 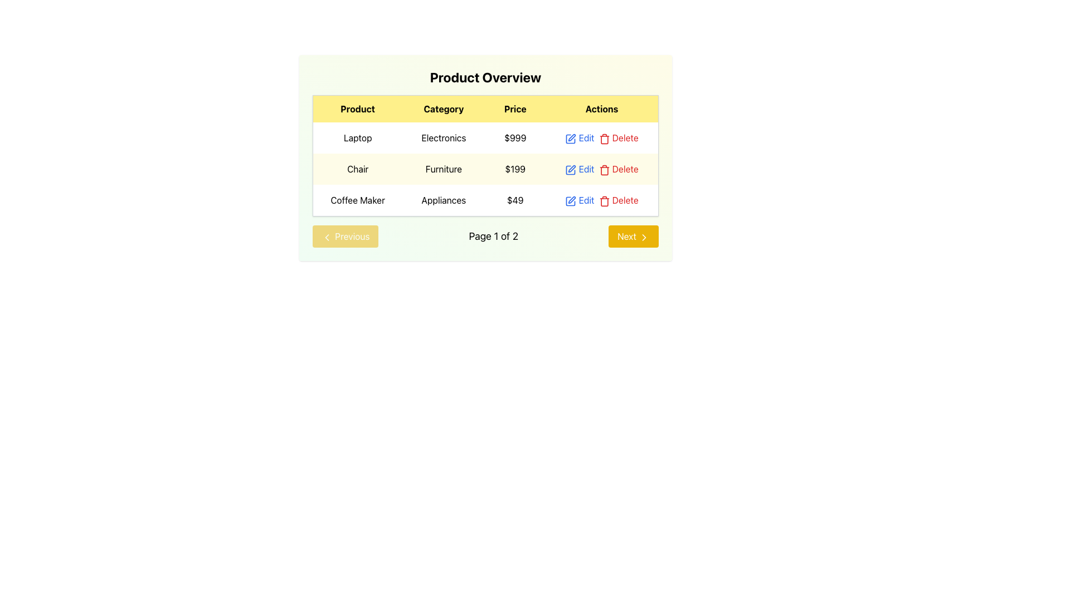 I want to click on the 'Next' button, so click(x=644, y=236).